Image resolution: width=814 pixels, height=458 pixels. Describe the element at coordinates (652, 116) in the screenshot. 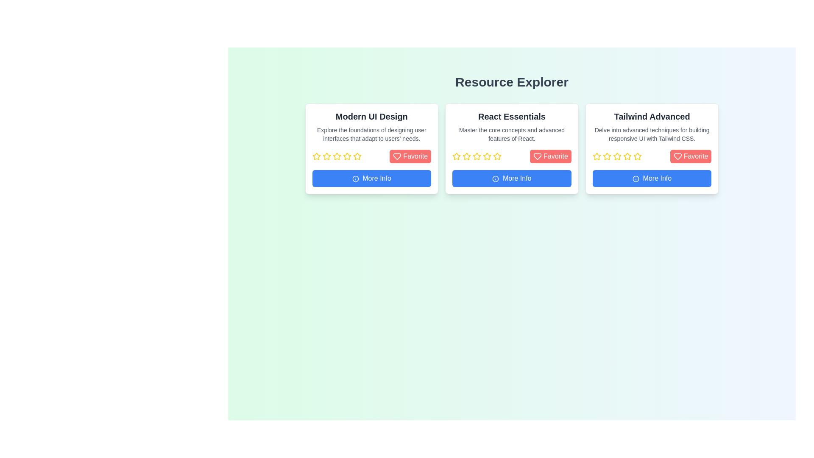

I see `text label that serves as the title of the rightmost card, summarizing the content about advanced techniques in Tailwind CSS` at that location.